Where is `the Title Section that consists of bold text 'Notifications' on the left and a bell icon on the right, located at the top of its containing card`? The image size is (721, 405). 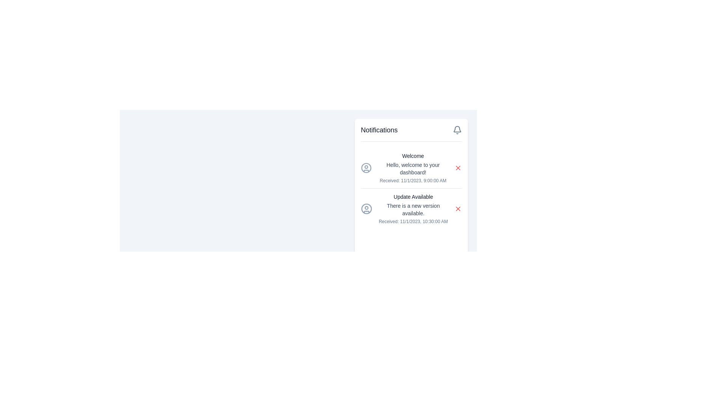 the Title Section that consists of bold text 'Notifications' on the left and a bell icon on the right, located at the top of its containing card is located at coordinates (411, 133).